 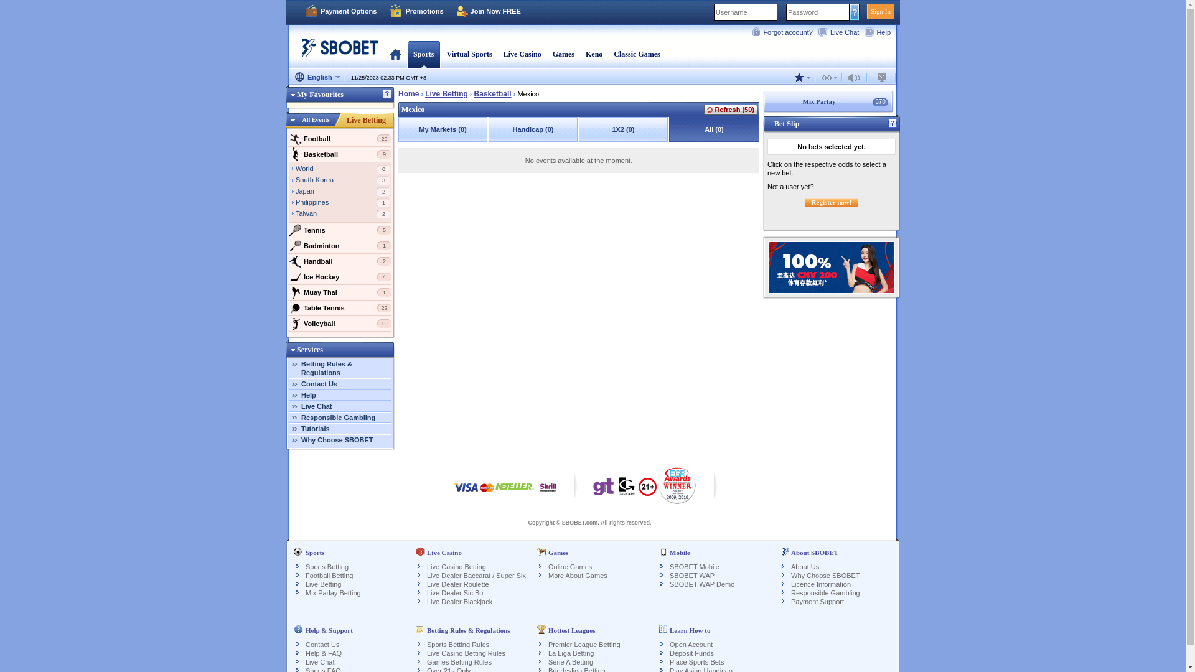 I want to click on 'La Liga Betting', so click(x=570, y=652).